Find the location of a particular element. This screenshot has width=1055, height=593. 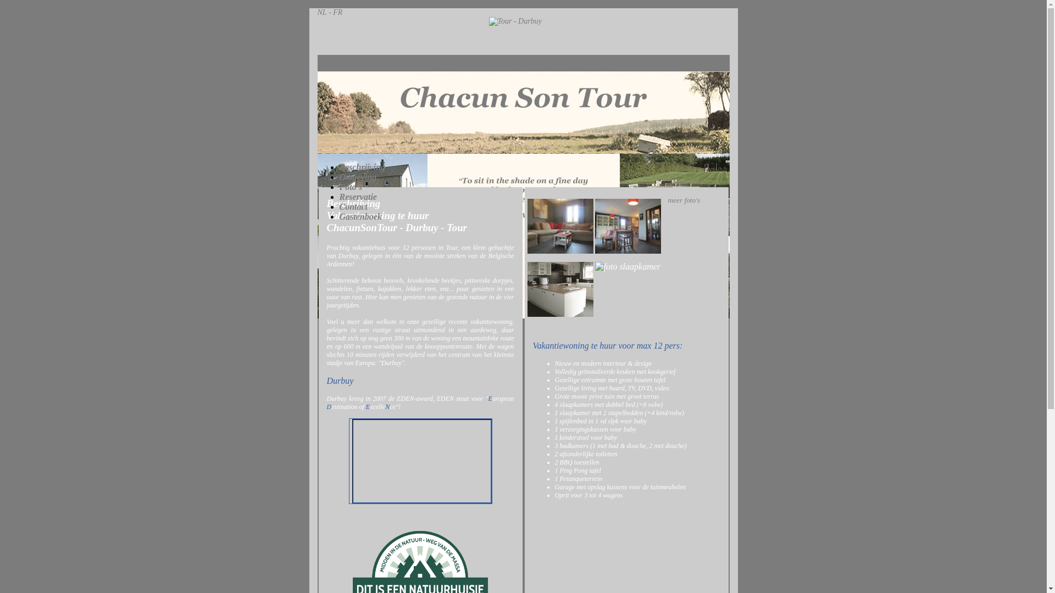

'Reservatie' is located at coordinates (358, 196).